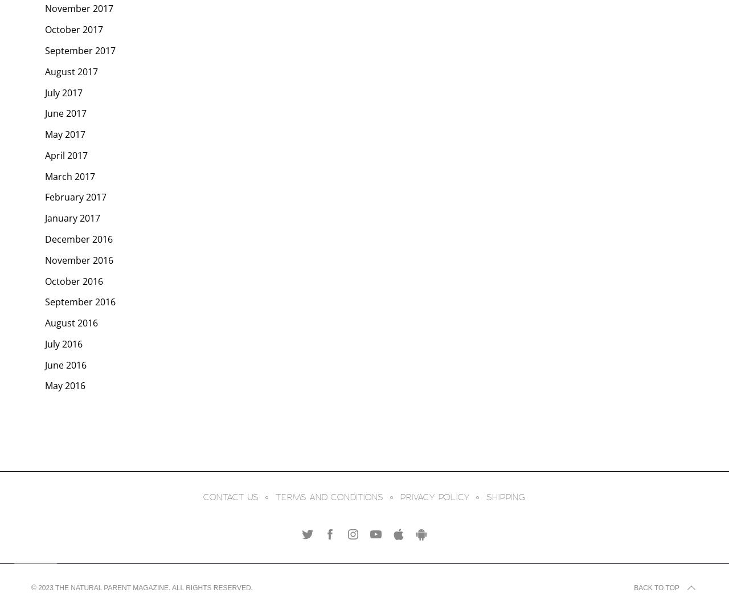 This screenshot has height=609, width=729. Describe the element at coordinates (486, 497) in the screenshot. I see `'Shipping'` at that location.